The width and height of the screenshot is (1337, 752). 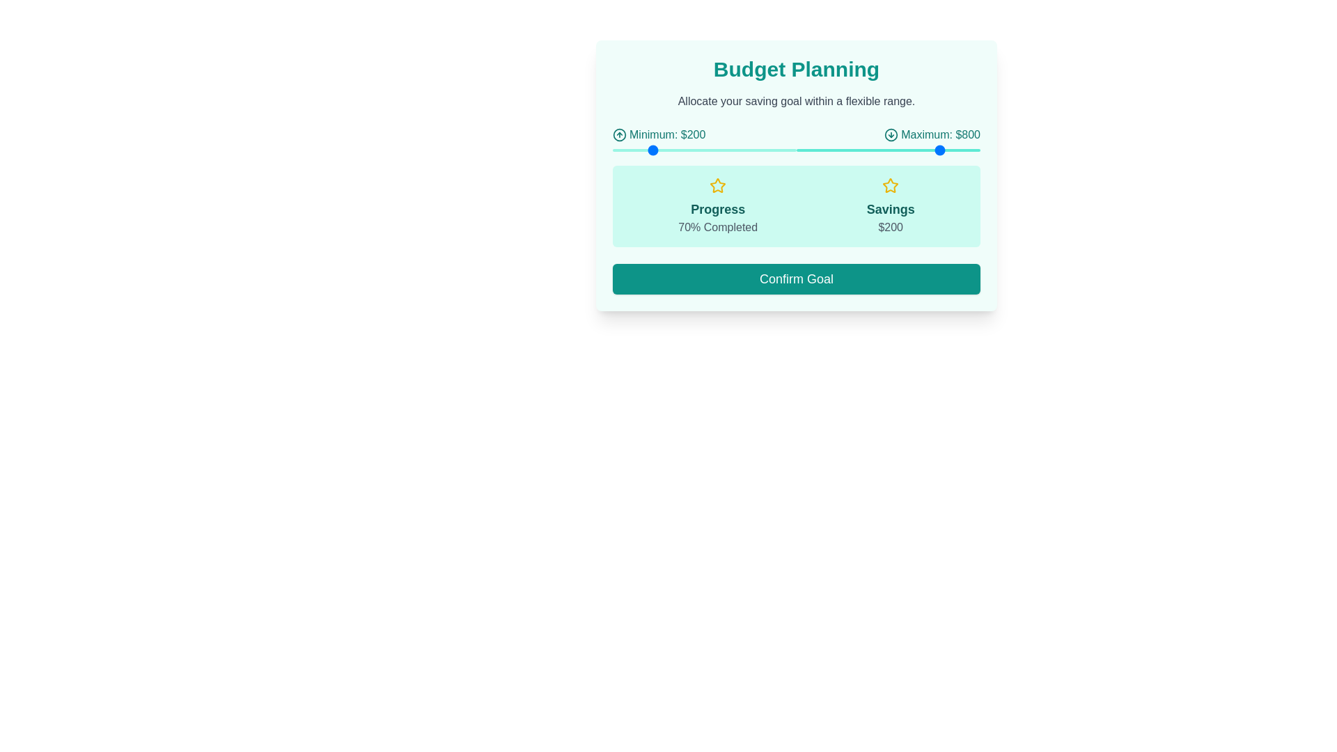 What do you see at coordinates (891, 134) in the screenshot?
I see `the circular icon with a downward arrow, which is located to the left of the 'Maximum: $800' label and has a green border and white interior` at bounding box center [891, 134].